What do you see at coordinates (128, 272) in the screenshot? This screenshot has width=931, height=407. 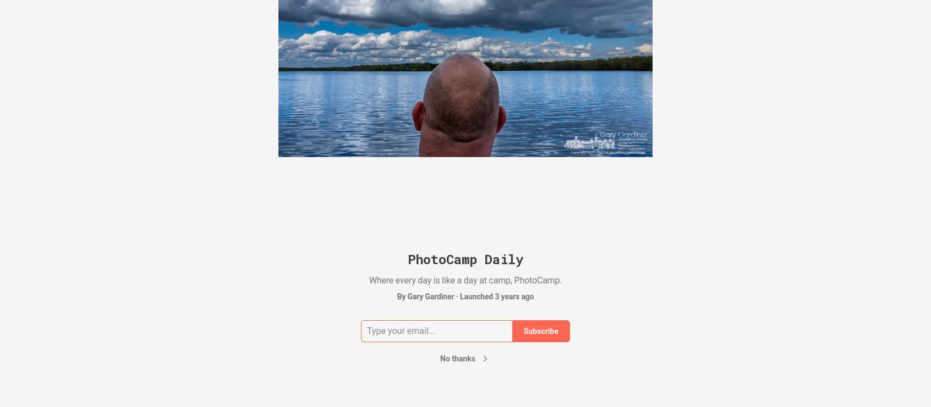 I see `'Oct 24'` at bounding box center [128, 272].